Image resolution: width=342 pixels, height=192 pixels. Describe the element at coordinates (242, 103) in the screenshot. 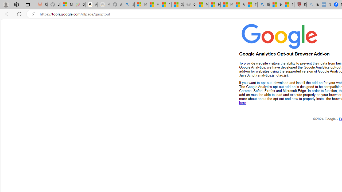

I see `'here'` at that location.